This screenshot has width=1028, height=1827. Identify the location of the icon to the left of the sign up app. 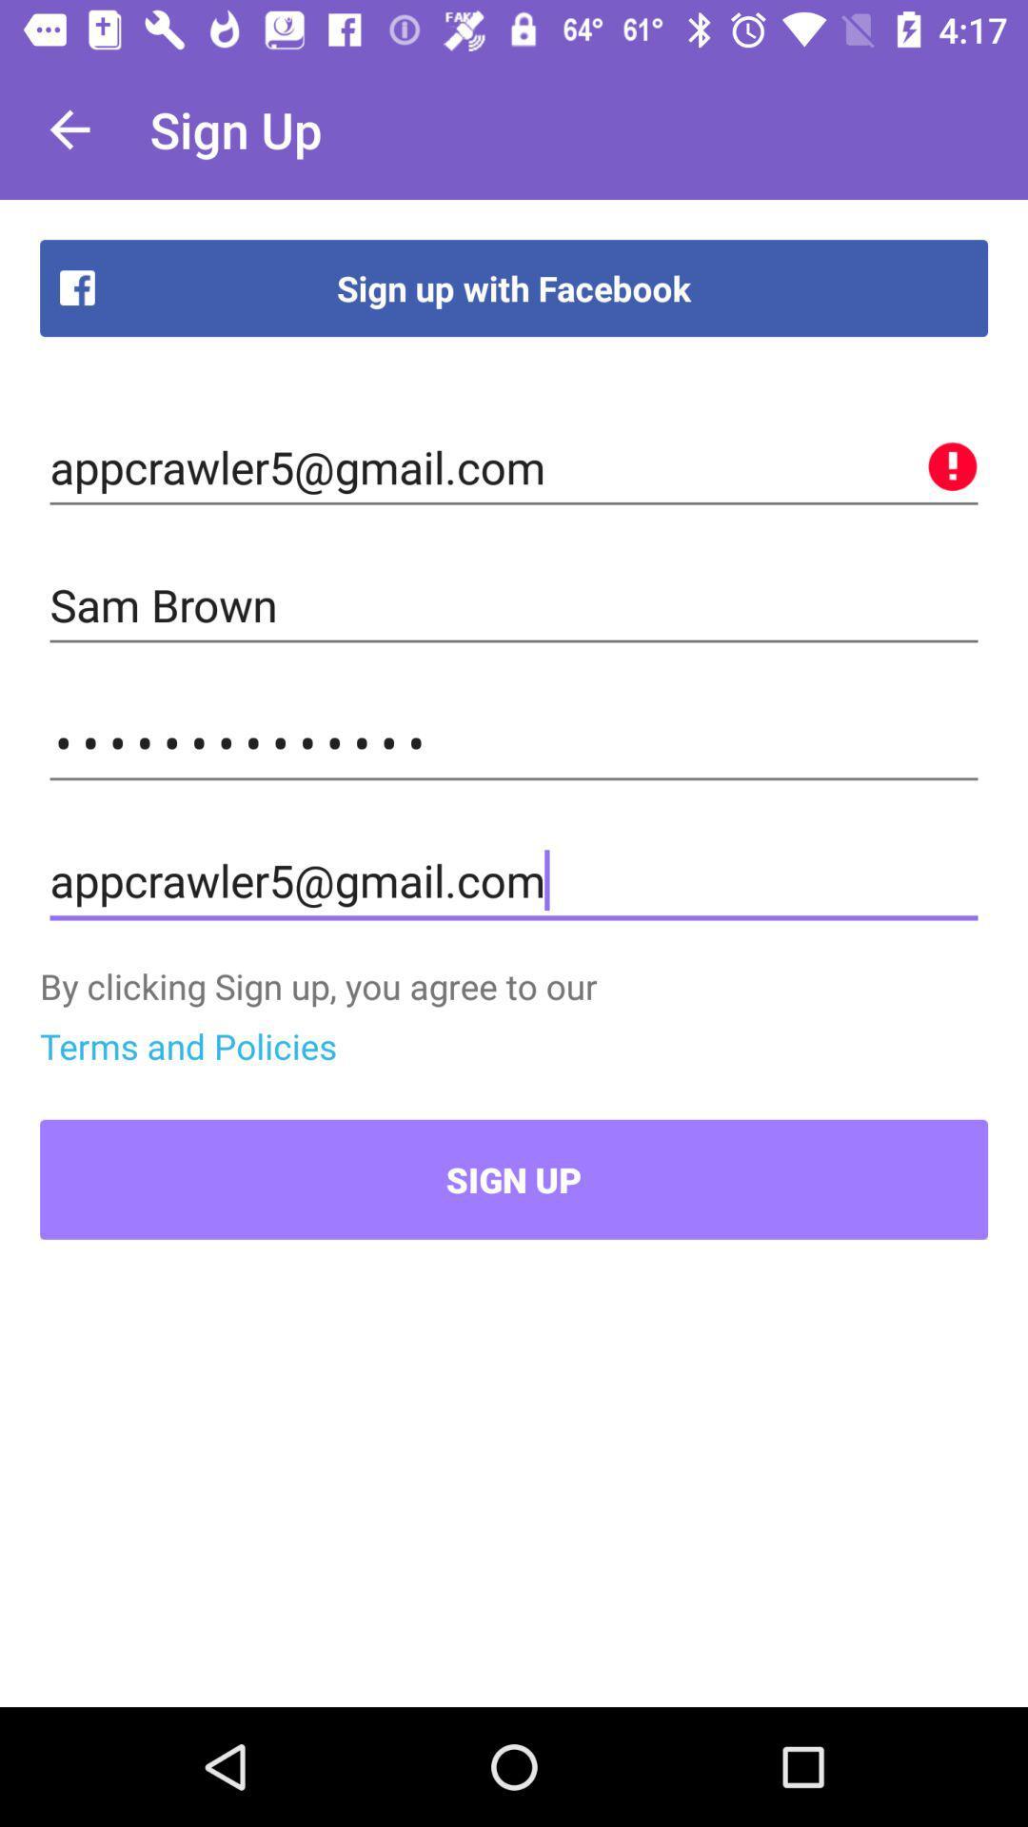
(69, 128).